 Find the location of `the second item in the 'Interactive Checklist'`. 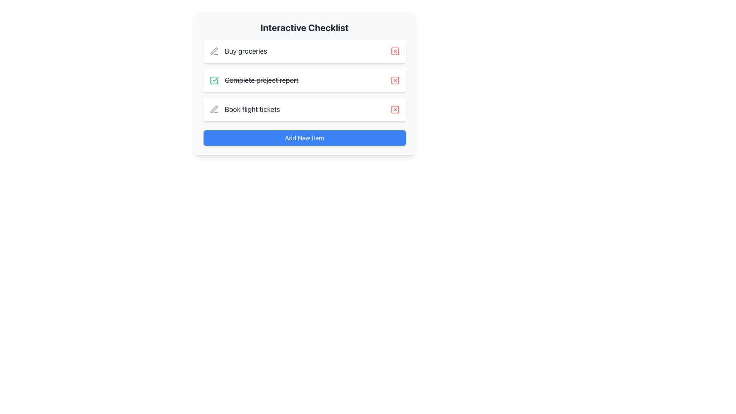

the second item in the 'Interactive Checklist' is located at coordinates (304, 80).